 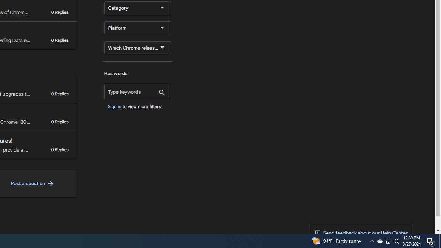 I want to click on 'Post a question ', so click(x=32, y=183).